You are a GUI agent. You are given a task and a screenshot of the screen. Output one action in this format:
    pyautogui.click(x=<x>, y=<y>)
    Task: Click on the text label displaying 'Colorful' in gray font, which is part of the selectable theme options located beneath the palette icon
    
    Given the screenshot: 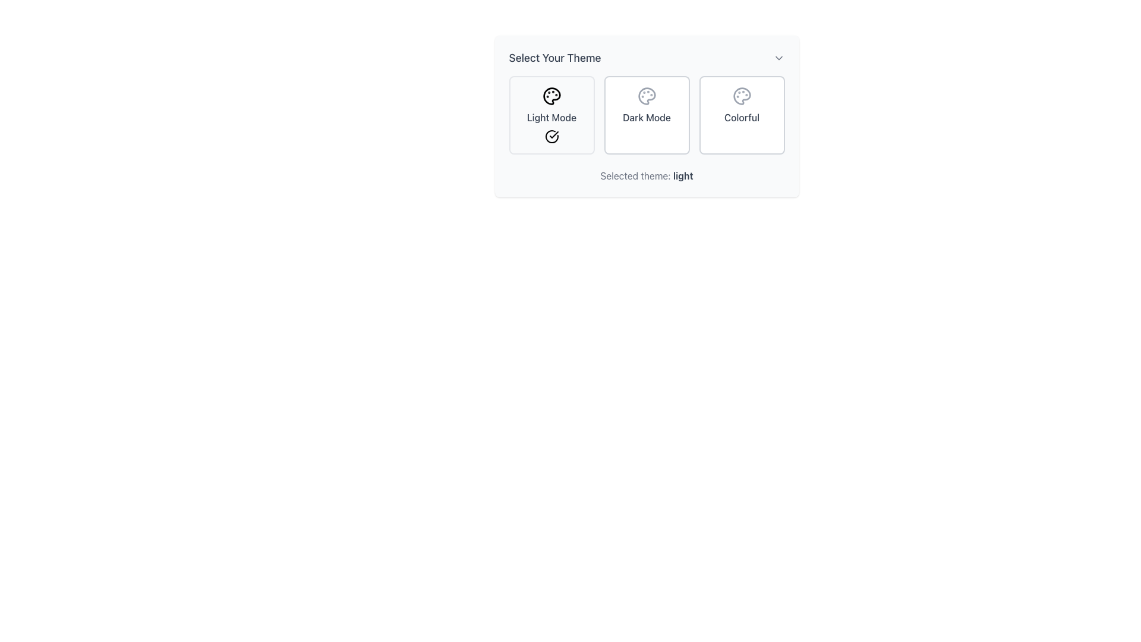 What is the action you would take?
    pyautogui.click(x=741, y=117)
    